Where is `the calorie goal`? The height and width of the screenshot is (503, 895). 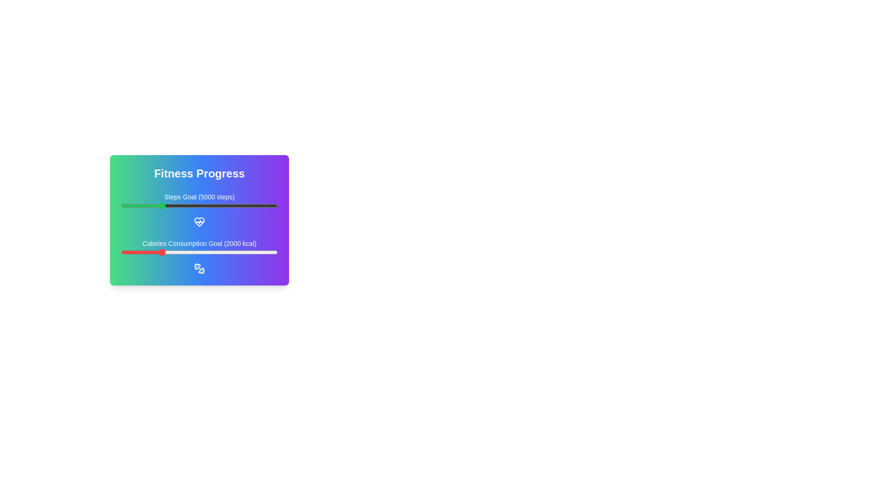
the calorie goal is located at coordinates (133, 252).